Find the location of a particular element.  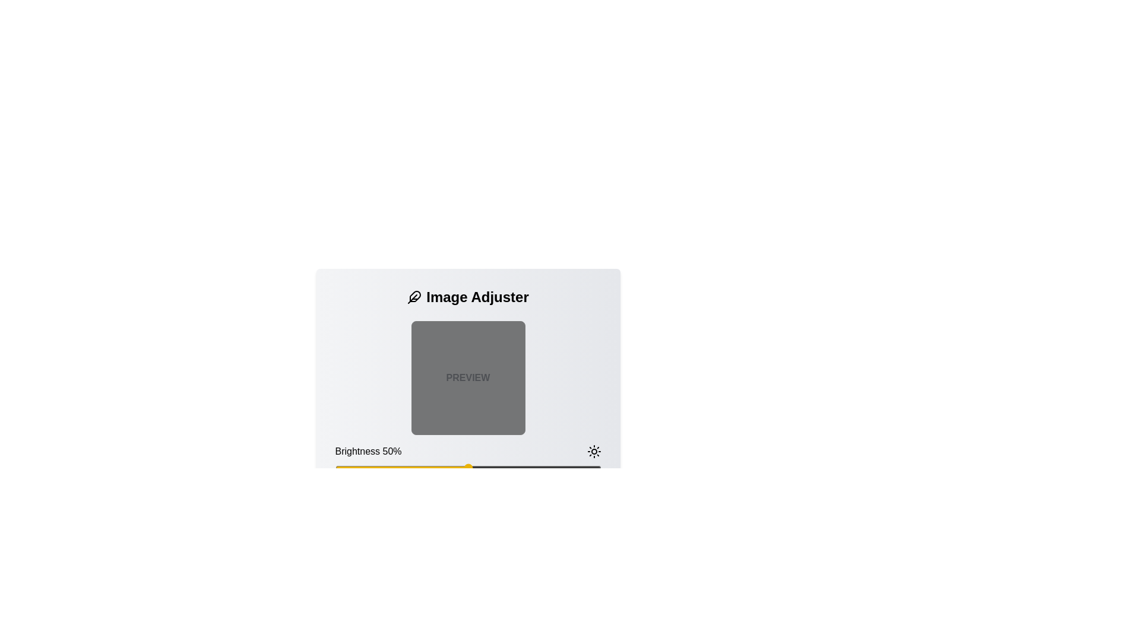

the slider is located at coordinates (528, 468).